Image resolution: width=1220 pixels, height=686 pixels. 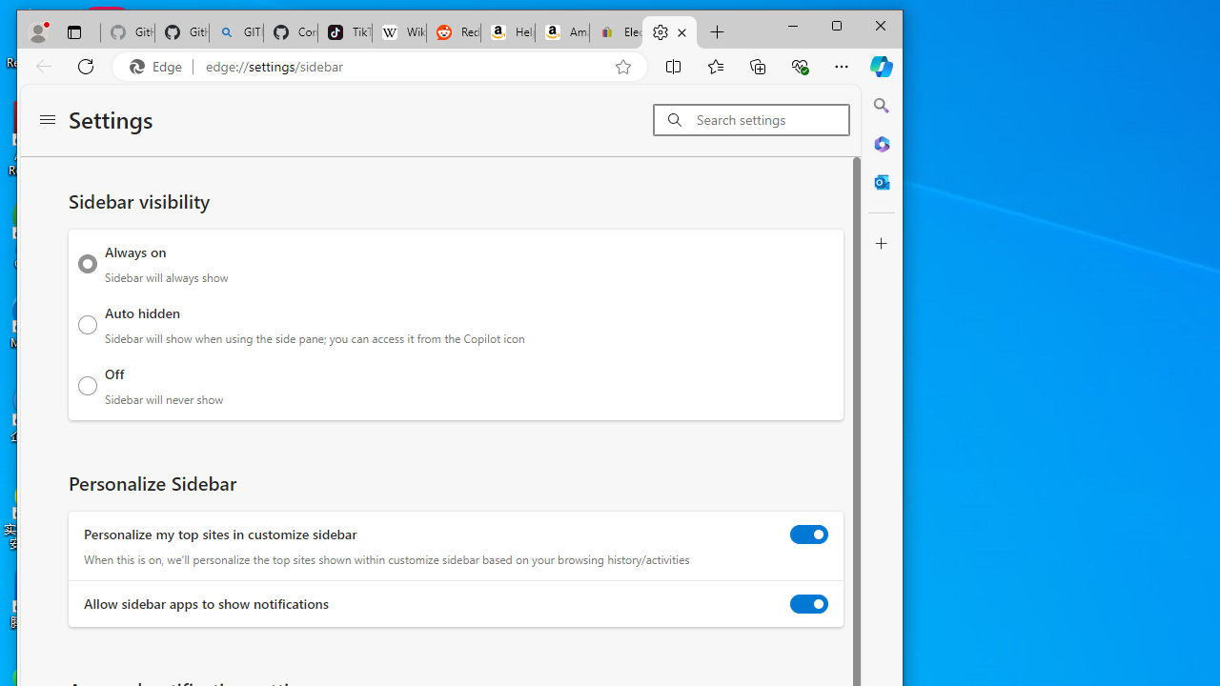 What do you see at coordinates (561, 32) in the screenshot?
I see `'Amazon.com: Deals'` at bounding box center [561, 32].